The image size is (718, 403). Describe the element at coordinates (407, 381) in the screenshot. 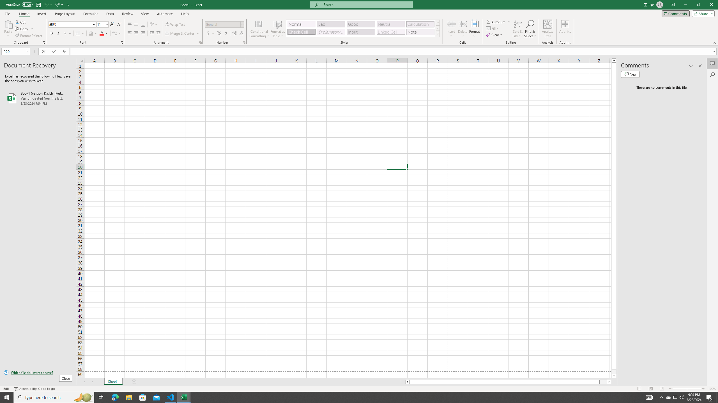

I see `'Column left'` at that location.